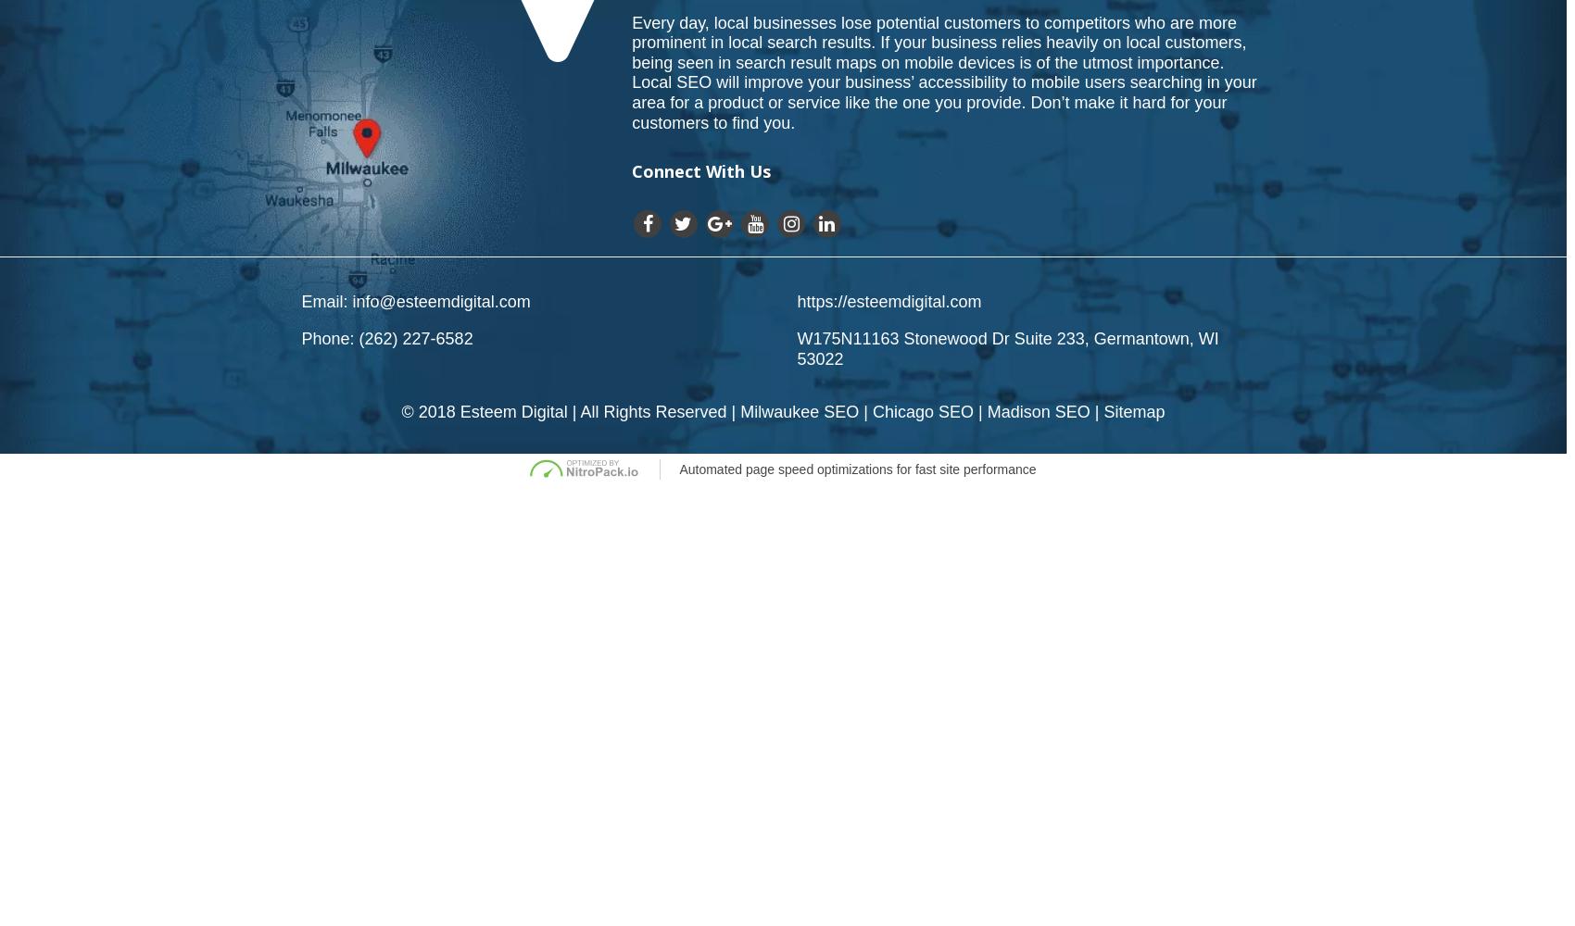  I want to click on 'Email: info@esteemdigital.com', so click(415, 301).